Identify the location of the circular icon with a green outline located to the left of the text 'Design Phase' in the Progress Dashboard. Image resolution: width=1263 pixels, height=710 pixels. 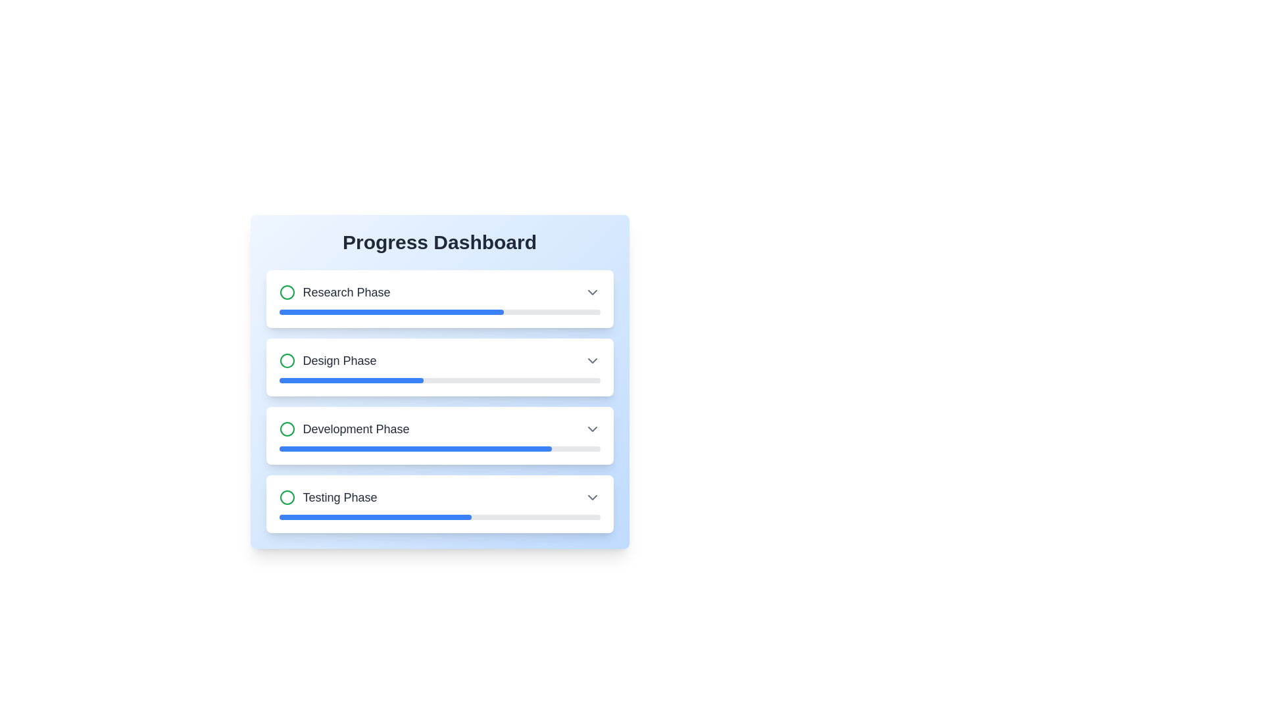
(286, 360).